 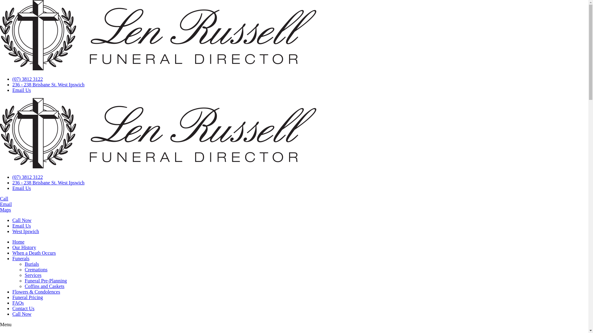 What do you see at coordinates (25, 231) in the screenshot?
I see `'West Ipswich'` at bounding box center [25, 231].